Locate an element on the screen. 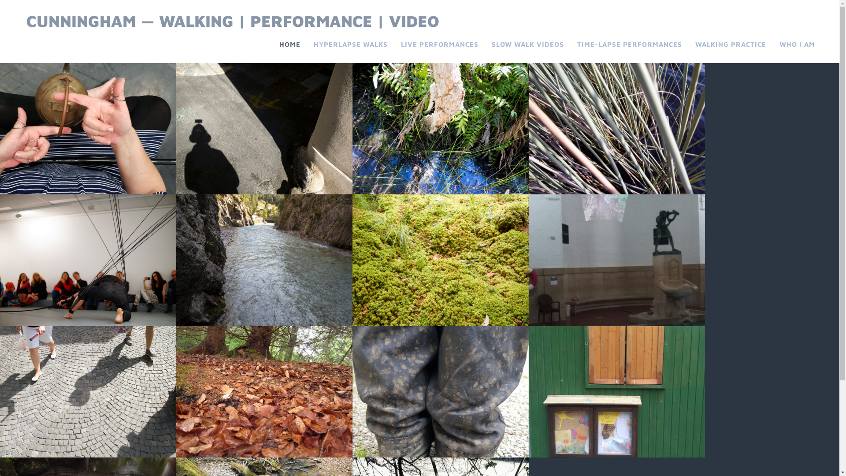 This screenshot has width=846, height=476. 'SLOW WALK VIDEOS' is located at coordinates (528, 44).